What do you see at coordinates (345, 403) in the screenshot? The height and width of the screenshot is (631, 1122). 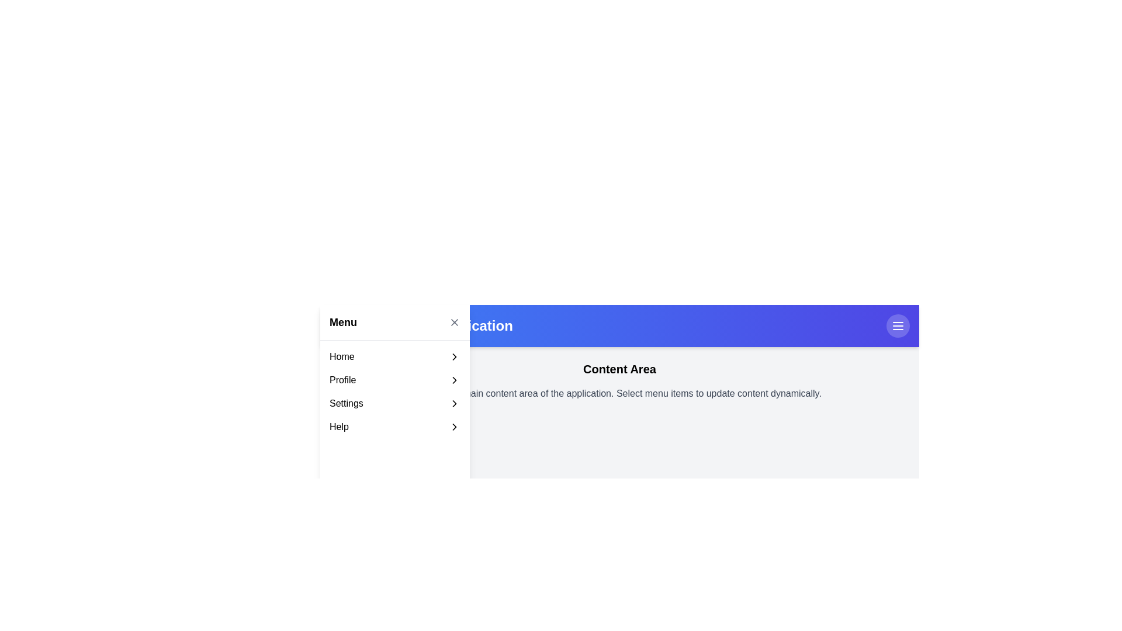 I see `the 'Settings' text label in the navigation menu` at bounding box center [345, 403].